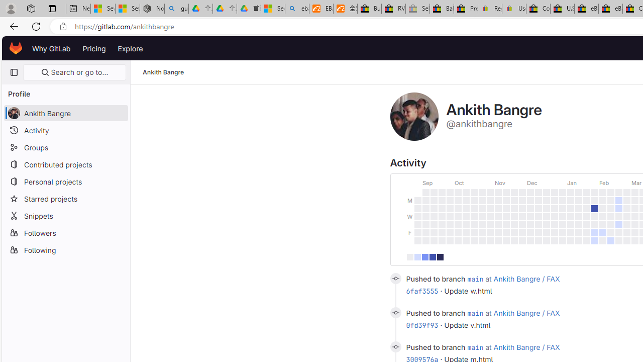 This screenshot has width=643, height=362. I want to click on 'Press Room - eBay Inc.', so click(465, 9).